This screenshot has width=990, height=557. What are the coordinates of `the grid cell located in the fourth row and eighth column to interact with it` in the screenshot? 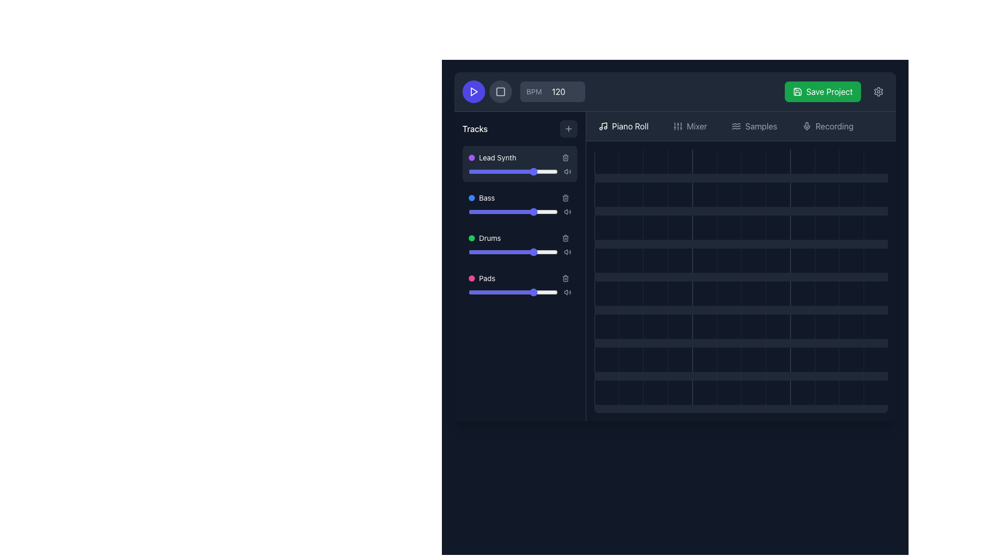 It's located at (778, 227).